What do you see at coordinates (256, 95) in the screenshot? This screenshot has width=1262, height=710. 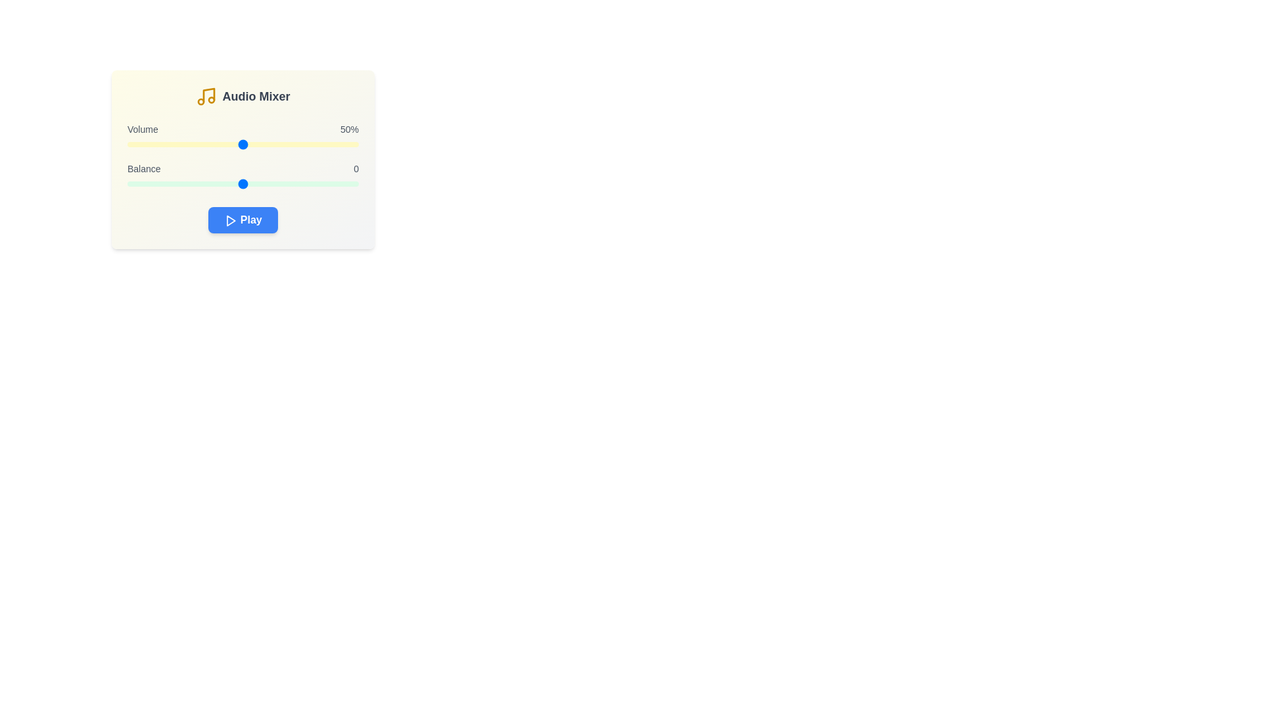 I see `the static text label indicating the purpose of the audio settings control panel, located to the right of the yellow music note icon` at bounding box center [256, 95].